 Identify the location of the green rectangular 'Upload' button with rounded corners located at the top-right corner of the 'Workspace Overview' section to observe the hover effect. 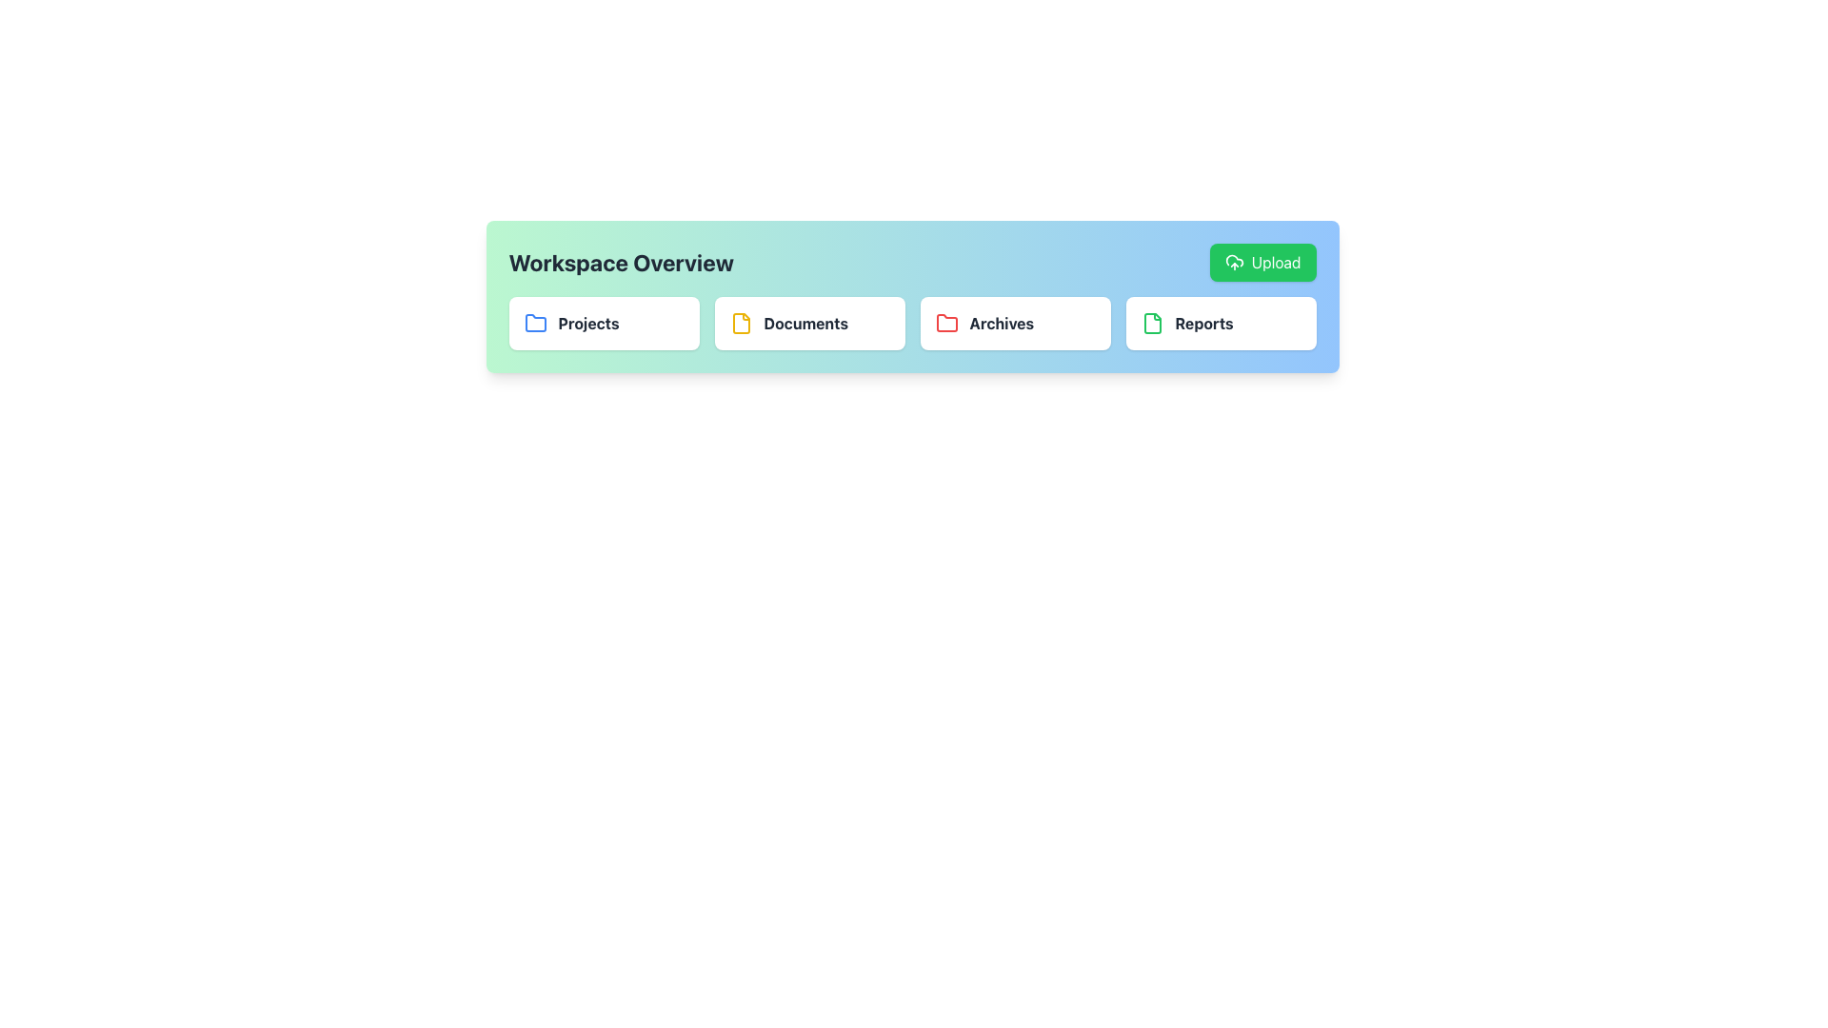
(1262, 263).